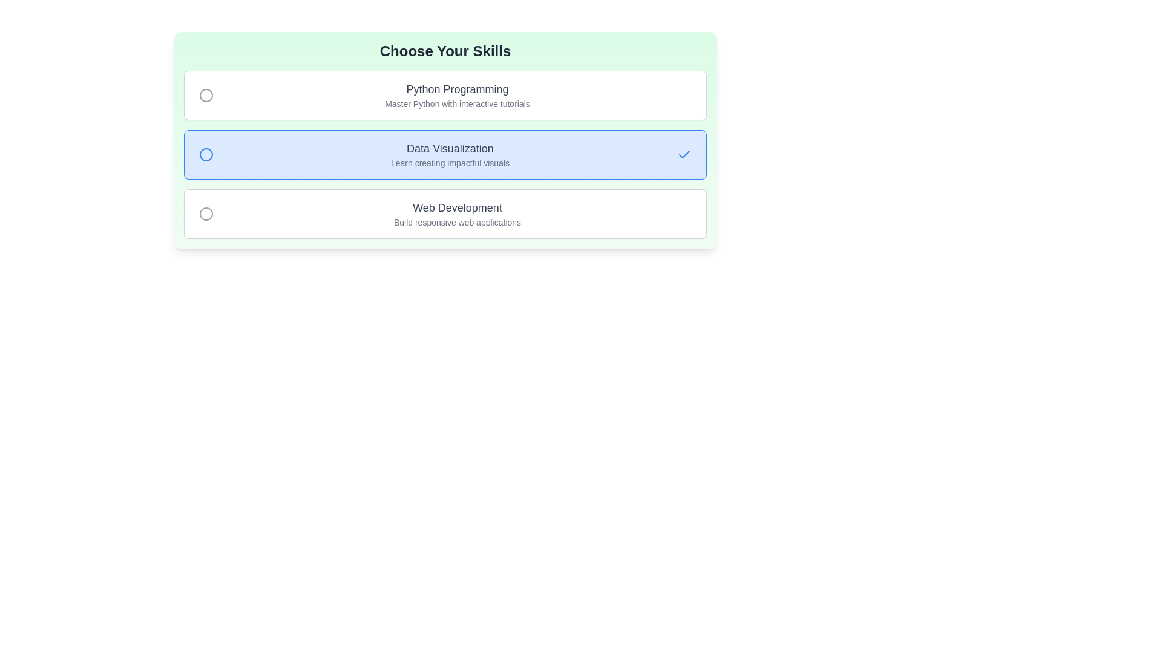 Image resolution: width=1162 pixels, height=653 pixels. What do you see at coordinates (444, 95) in the screenshot?
I see `the item with title Python Programming` at bounding box center [444, 95].